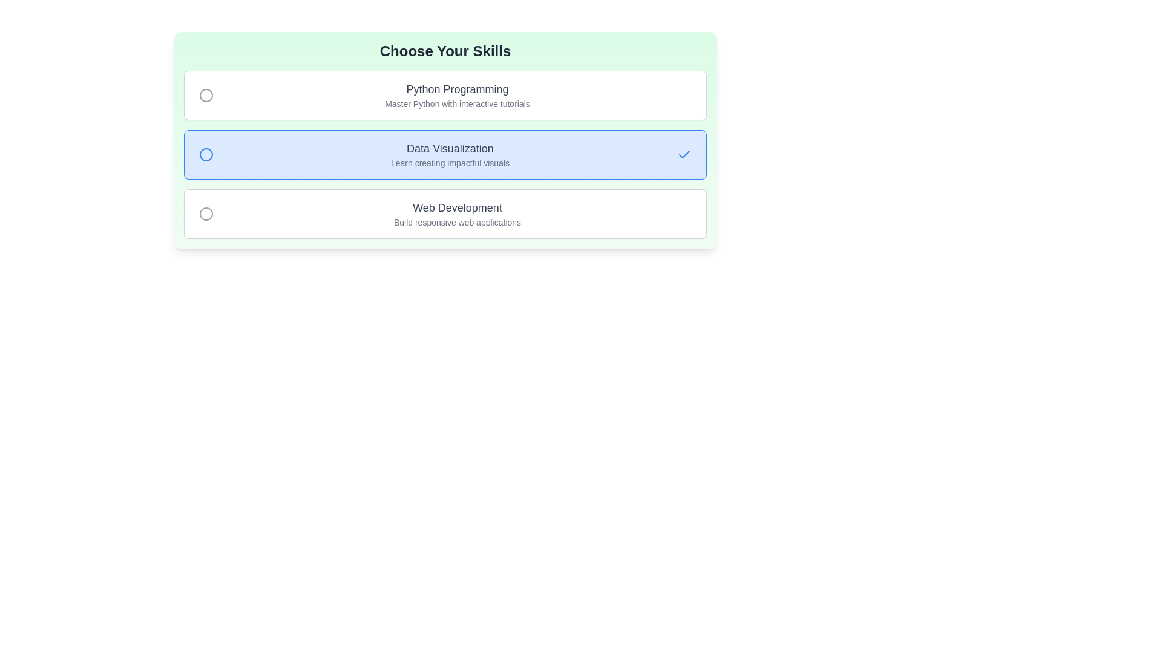 Image resolution: width=1162 pixels, height=653 pixels. What do you see at coordinates (444, 95) in the screenshot?
I see `the item with title Python Programming` at bounding box center [444, 95].